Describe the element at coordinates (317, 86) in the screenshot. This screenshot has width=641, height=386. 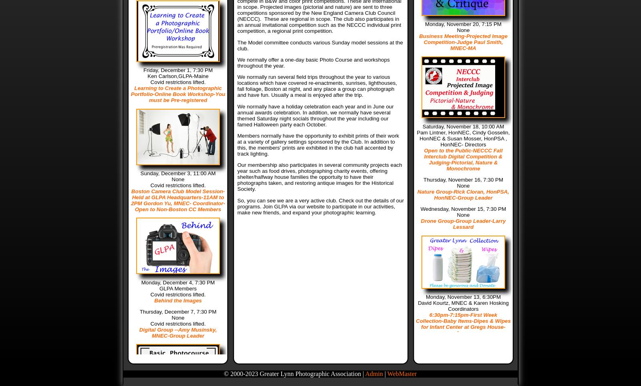
I see `'We normally run several field trips throughout the year to various locations which have covered re-enactments, sunrises, lighthouses, fall foliage, Boston at night, and any place a group can photograph and have fun. Usually a meal is enjoyed after the trip.'` at that location.